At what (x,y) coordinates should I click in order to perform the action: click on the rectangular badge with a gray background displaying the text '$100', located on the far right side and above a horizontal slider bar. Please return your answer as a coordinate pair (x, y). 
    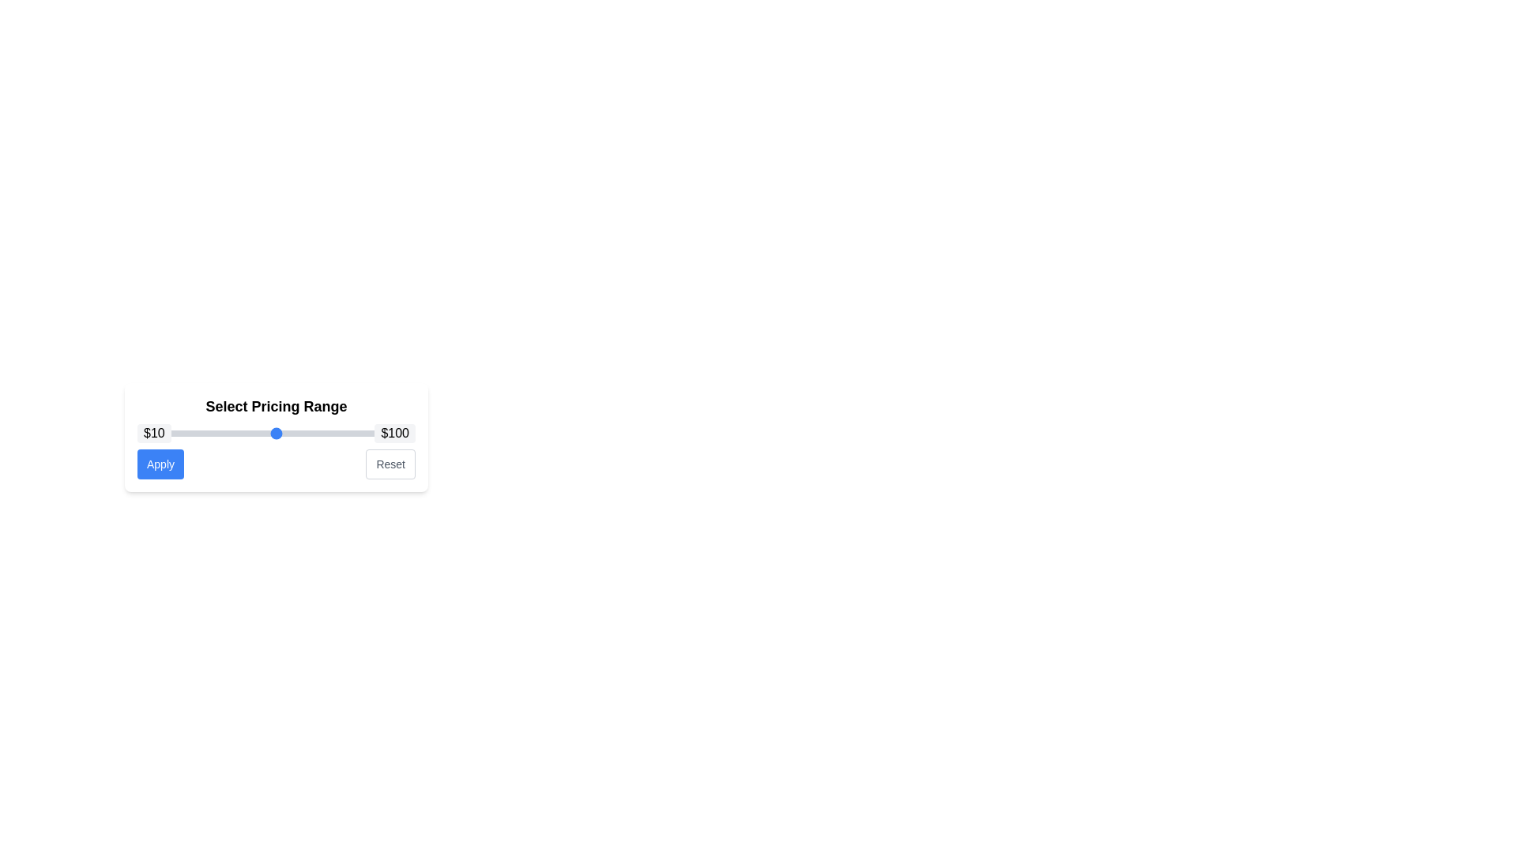
    Looking at the image, I should click on (395, 433).